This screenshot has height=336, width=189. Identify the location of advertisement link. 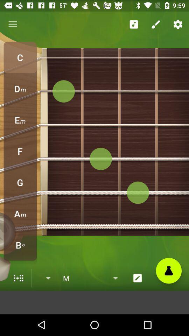
(94, 302).